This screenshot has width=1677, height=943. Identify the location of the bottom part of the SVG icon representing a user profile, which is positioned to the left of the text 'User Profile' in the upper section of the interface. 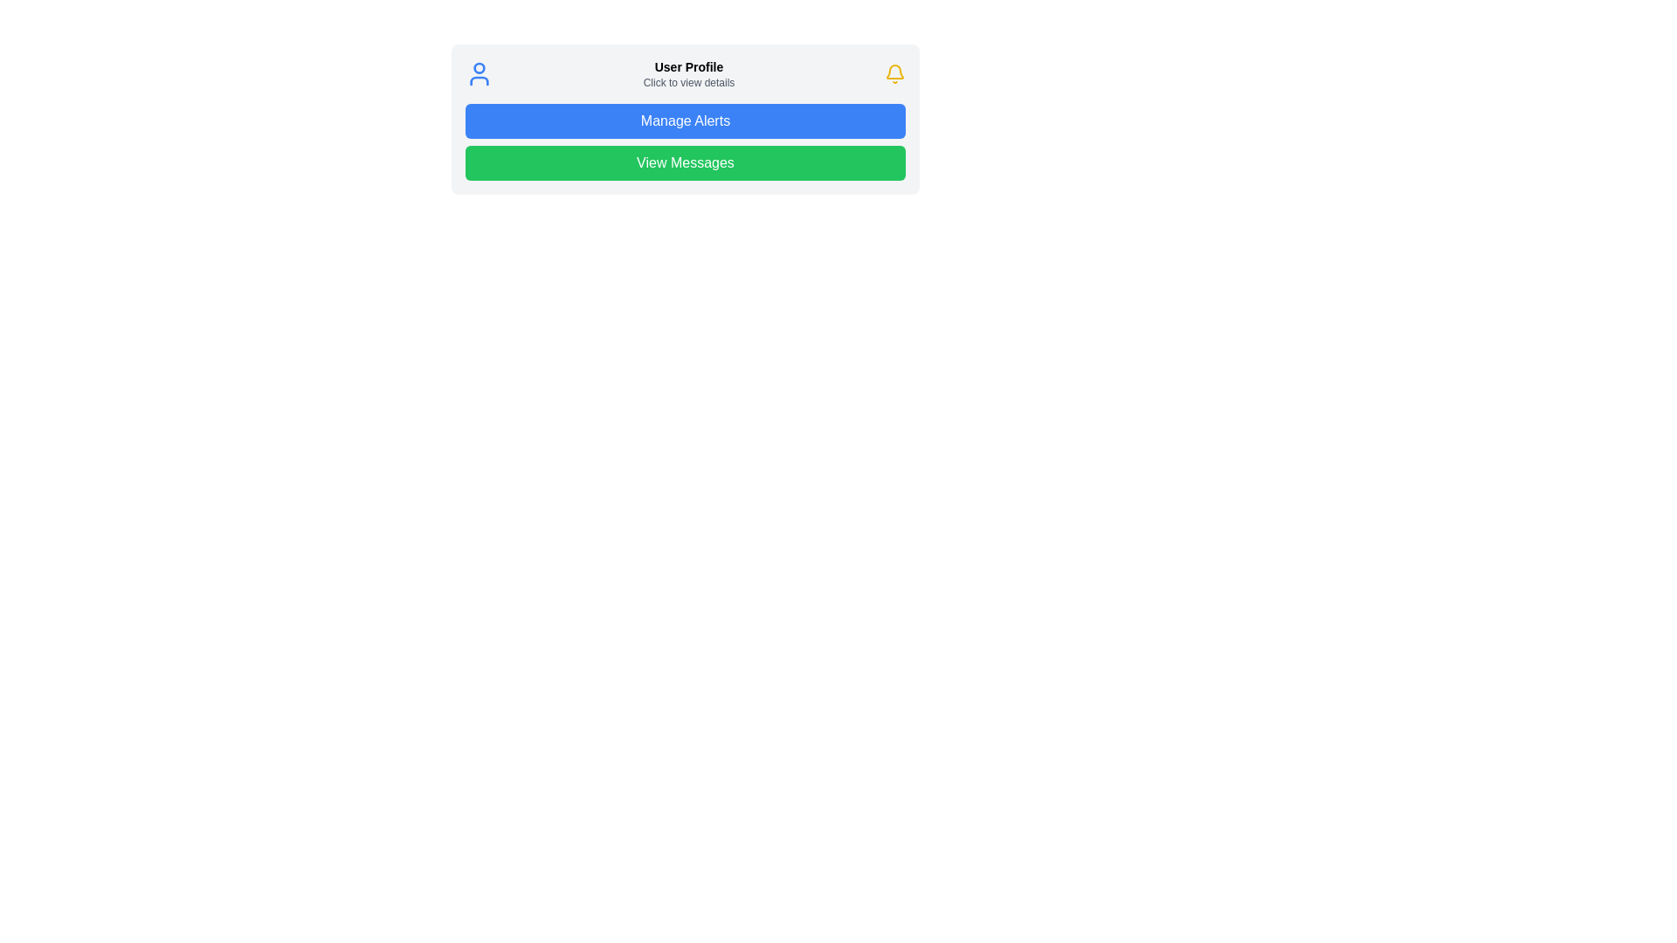
(479, 80).